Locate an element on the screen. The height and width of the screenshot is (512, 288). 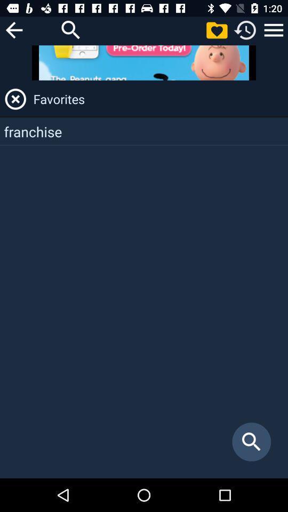
icon below the franchise item is located at coordinates (251, 442).